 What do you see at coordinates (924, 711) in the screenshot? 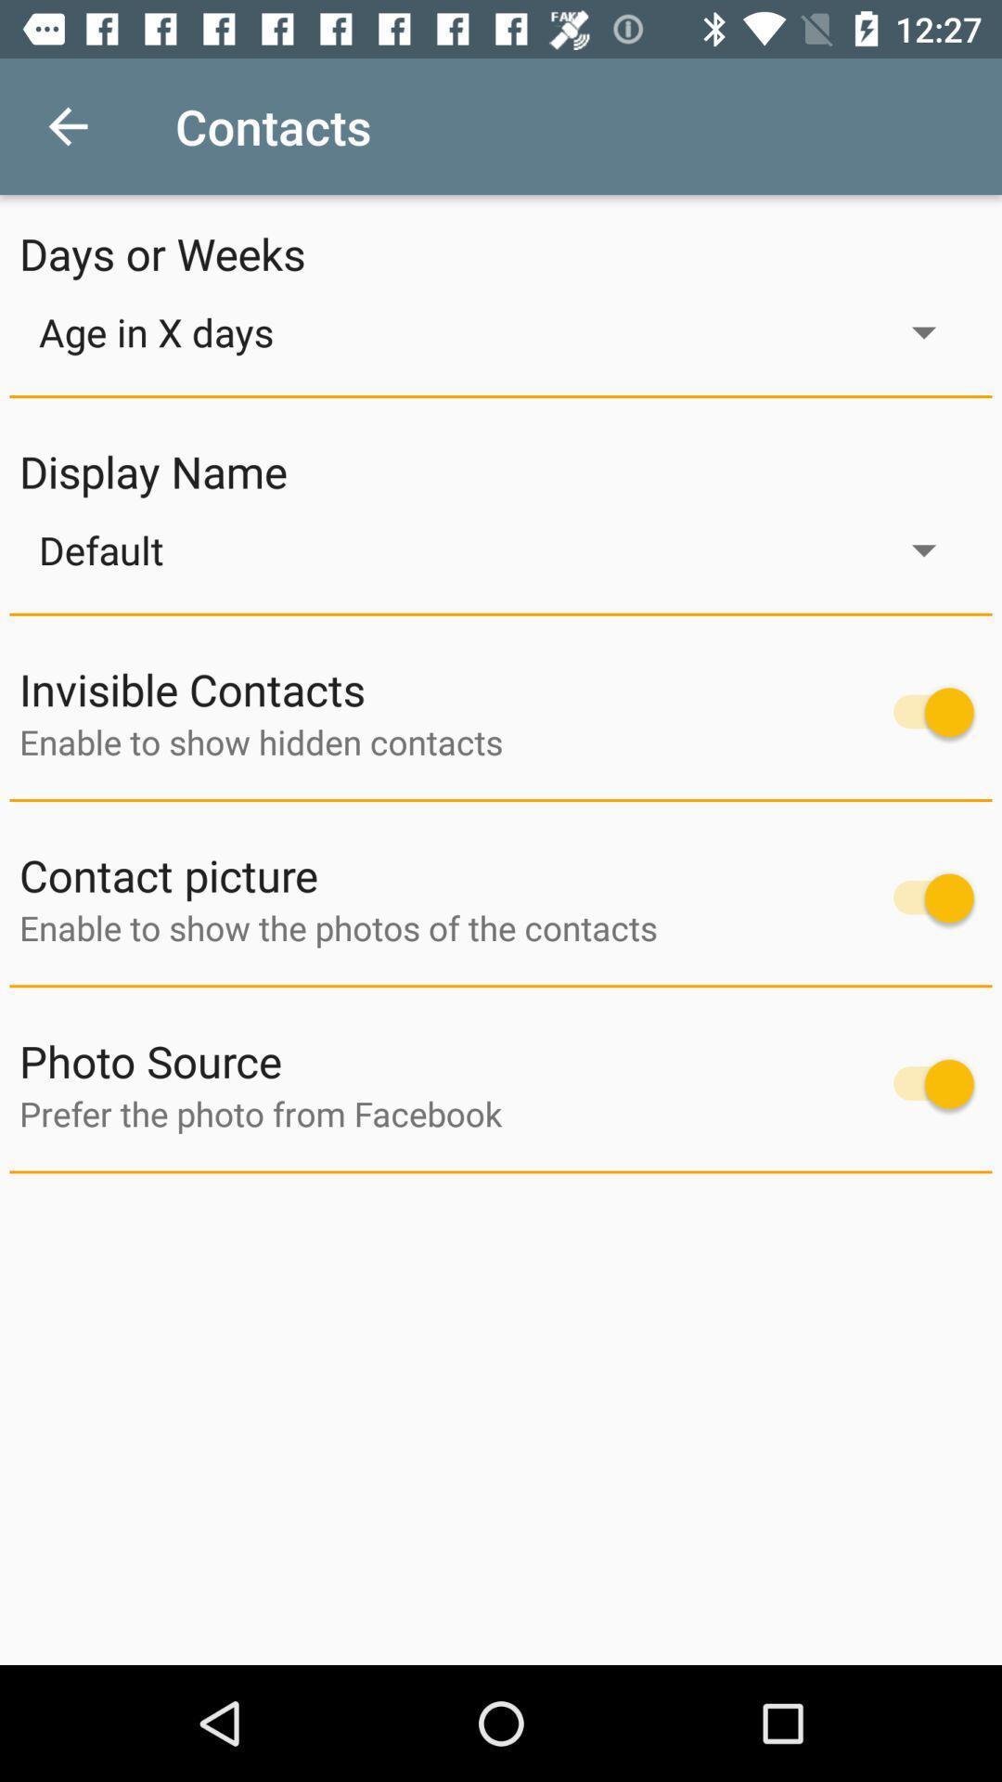
I see `contacts invisible contacts` at bounding box center [924, 711].